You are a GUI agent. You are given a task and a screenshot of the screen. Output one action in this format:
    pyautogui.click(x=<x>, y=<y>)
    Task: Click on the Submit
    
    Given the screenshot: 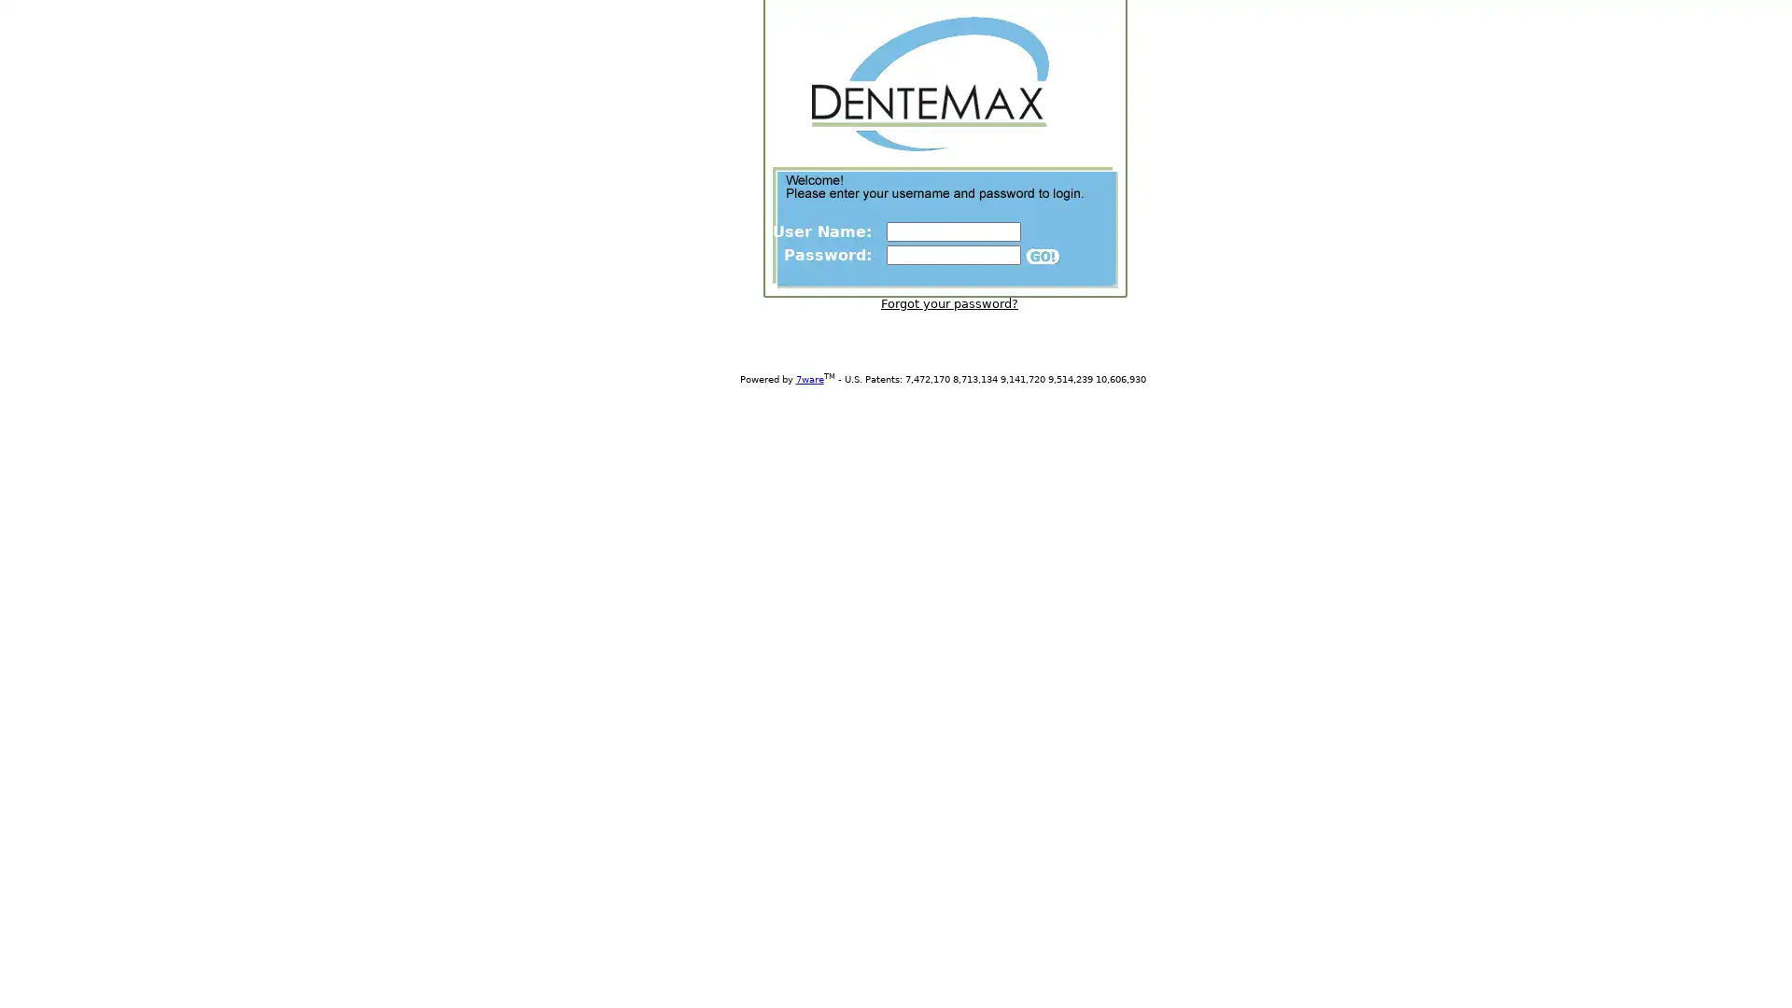 What is the action you would take?
    pyautogui.click(x=1043, y=255)
    